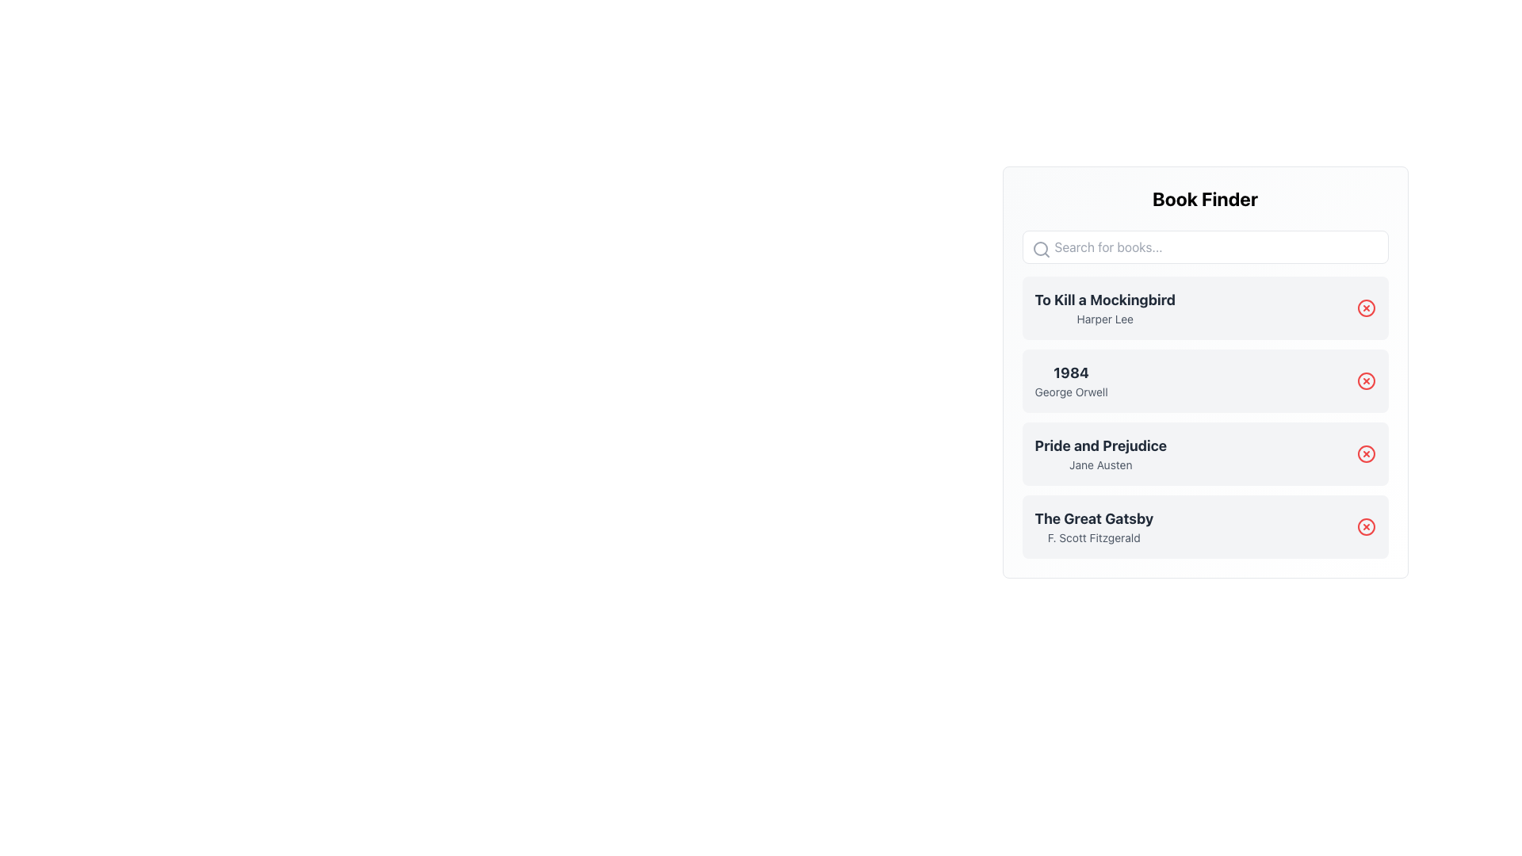 This screenshot has height=856, width=1522. Describe the element at coordinates (1071, 392) in the screenshot. I see `the static text label displaying 'George Orwell', which is positioned below the title '1984' in the 'Book Finder' panel` at that location.